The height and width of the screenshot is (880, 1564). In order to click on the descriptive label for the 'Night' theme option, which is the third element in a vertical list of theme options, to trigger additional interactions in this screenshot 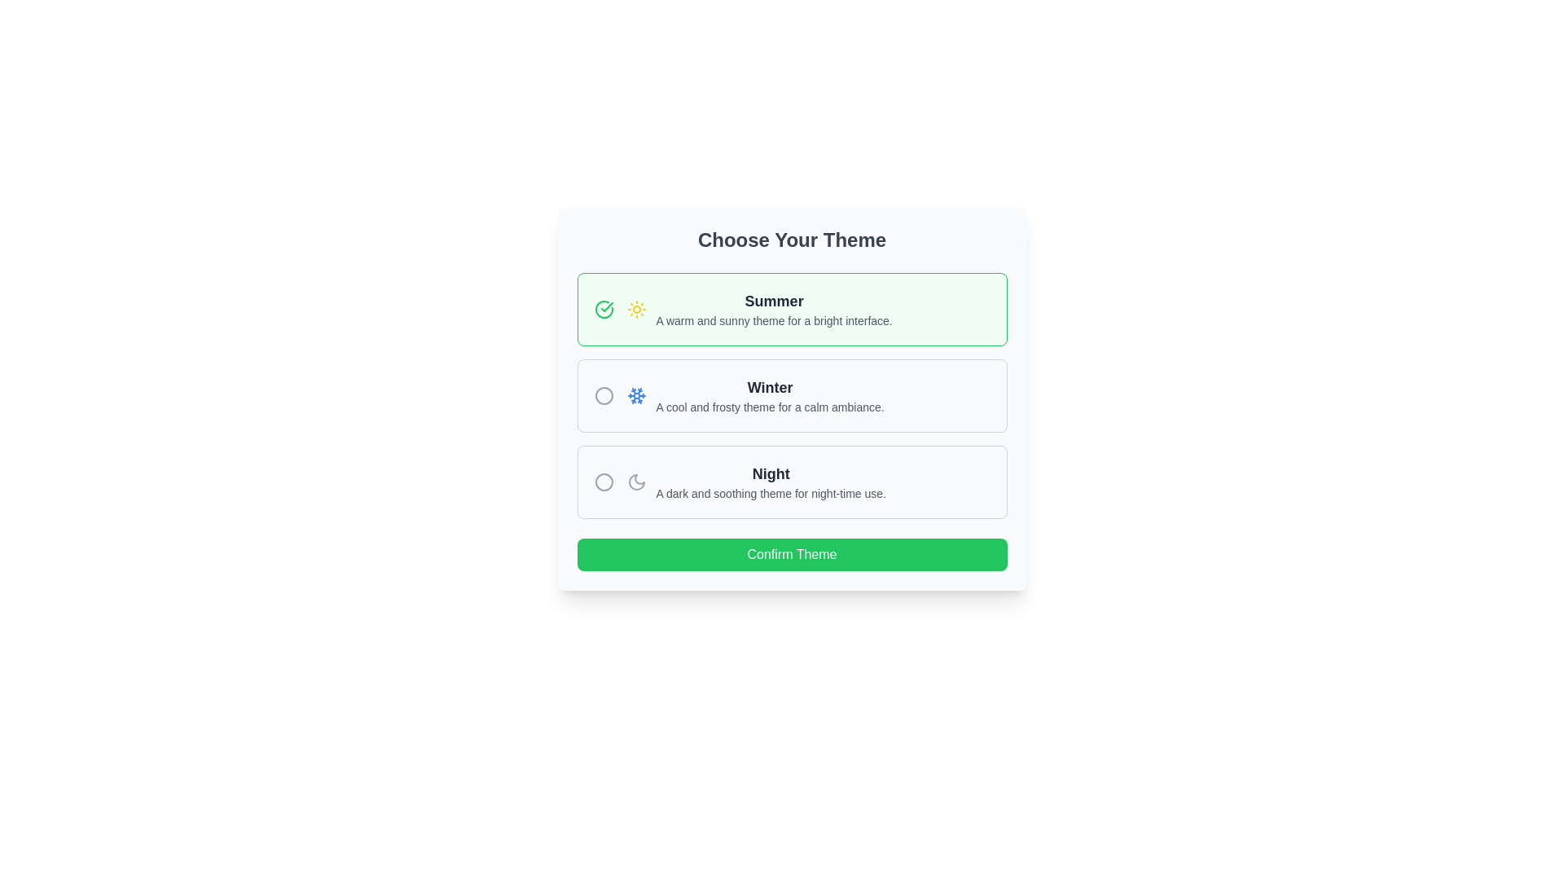, I will do `click(755, 481)`.